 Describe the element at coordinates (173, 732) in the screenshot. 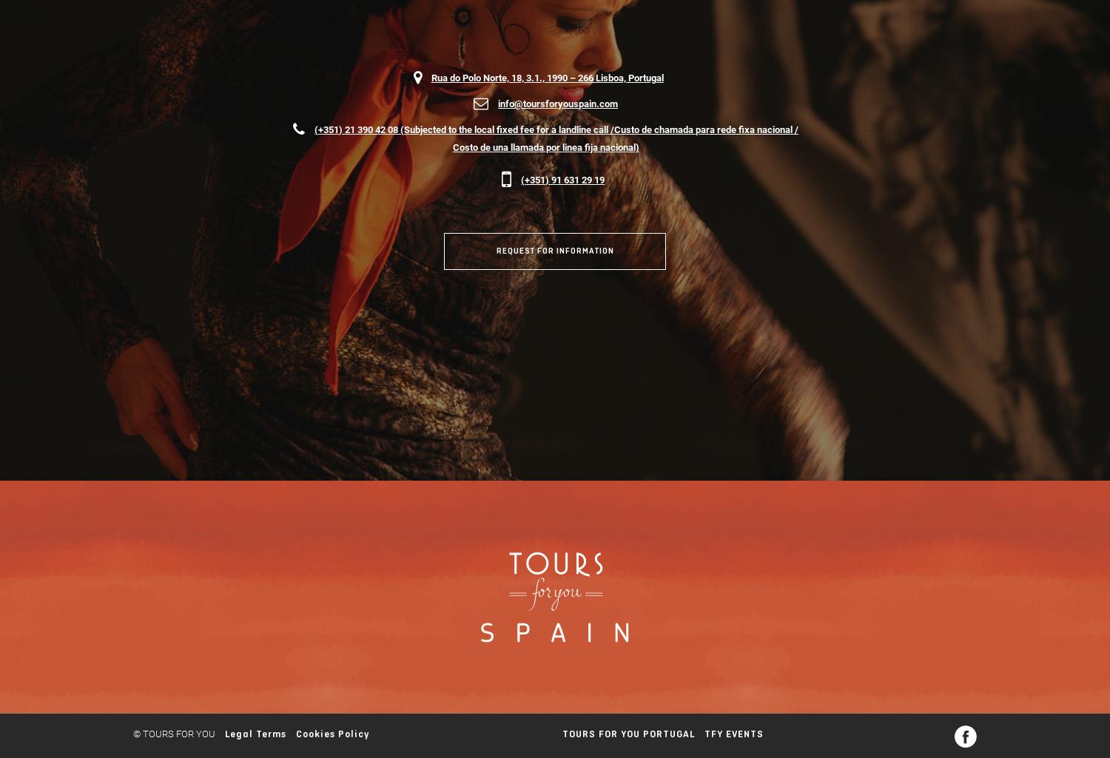

I see `'© TOURS FOR YOU'` at that location.